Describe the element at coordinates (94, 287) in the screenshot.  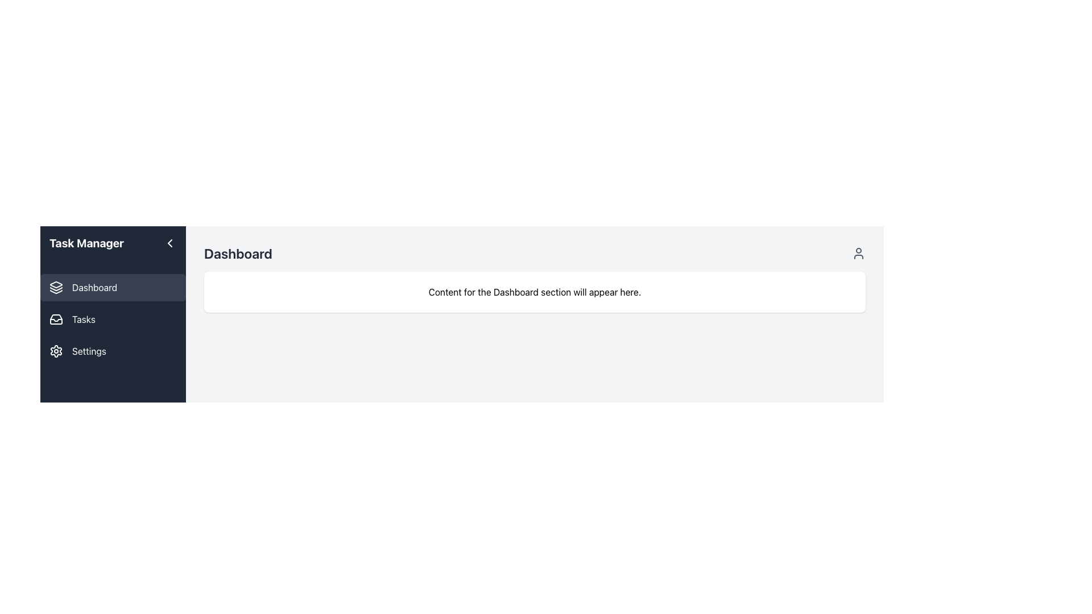
I see `the 'Dashboard' text label located in the left sidebar menu, which is below an icon shaped like stacked layers` at that location.